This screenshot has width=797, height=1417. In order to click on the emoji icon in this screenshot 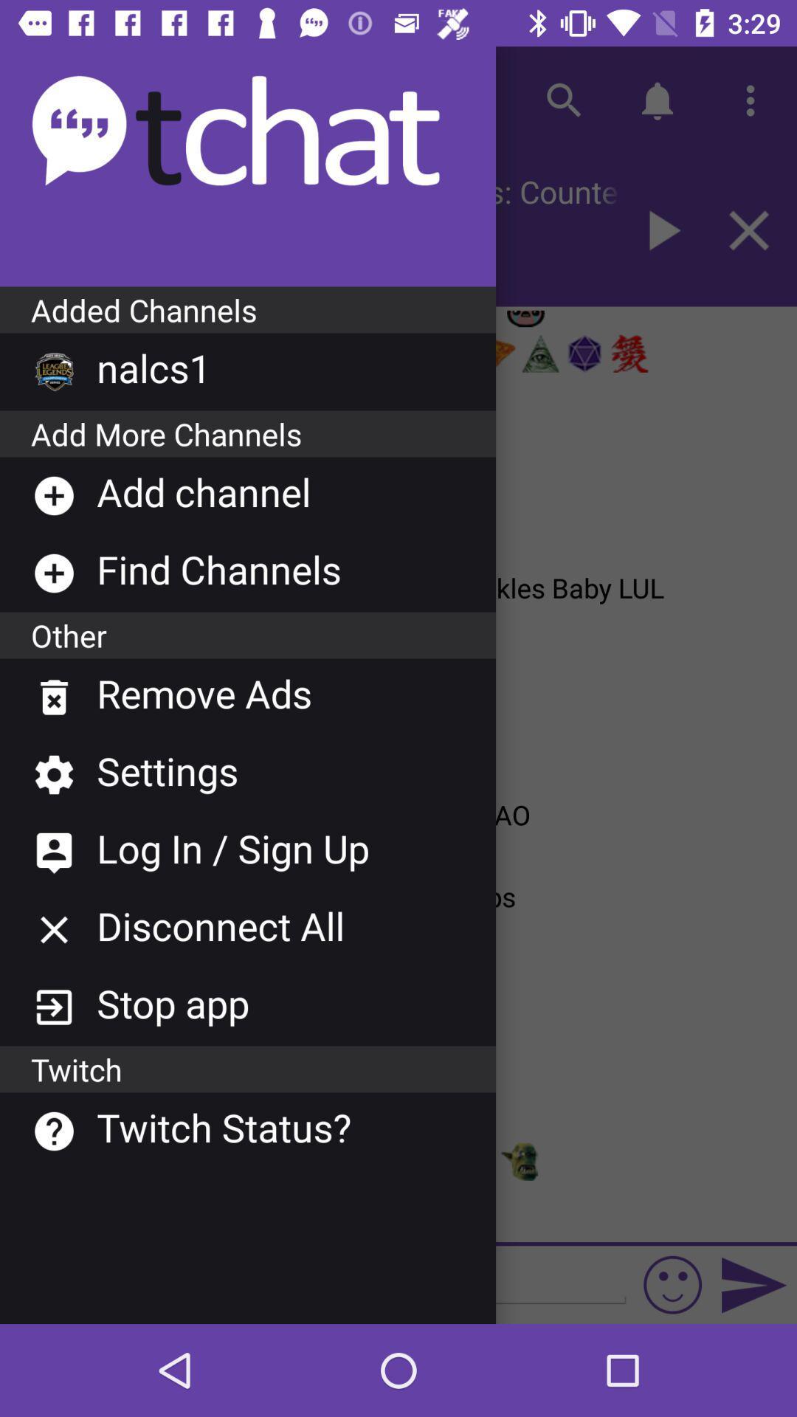, I will do `click(672, 1284)`.